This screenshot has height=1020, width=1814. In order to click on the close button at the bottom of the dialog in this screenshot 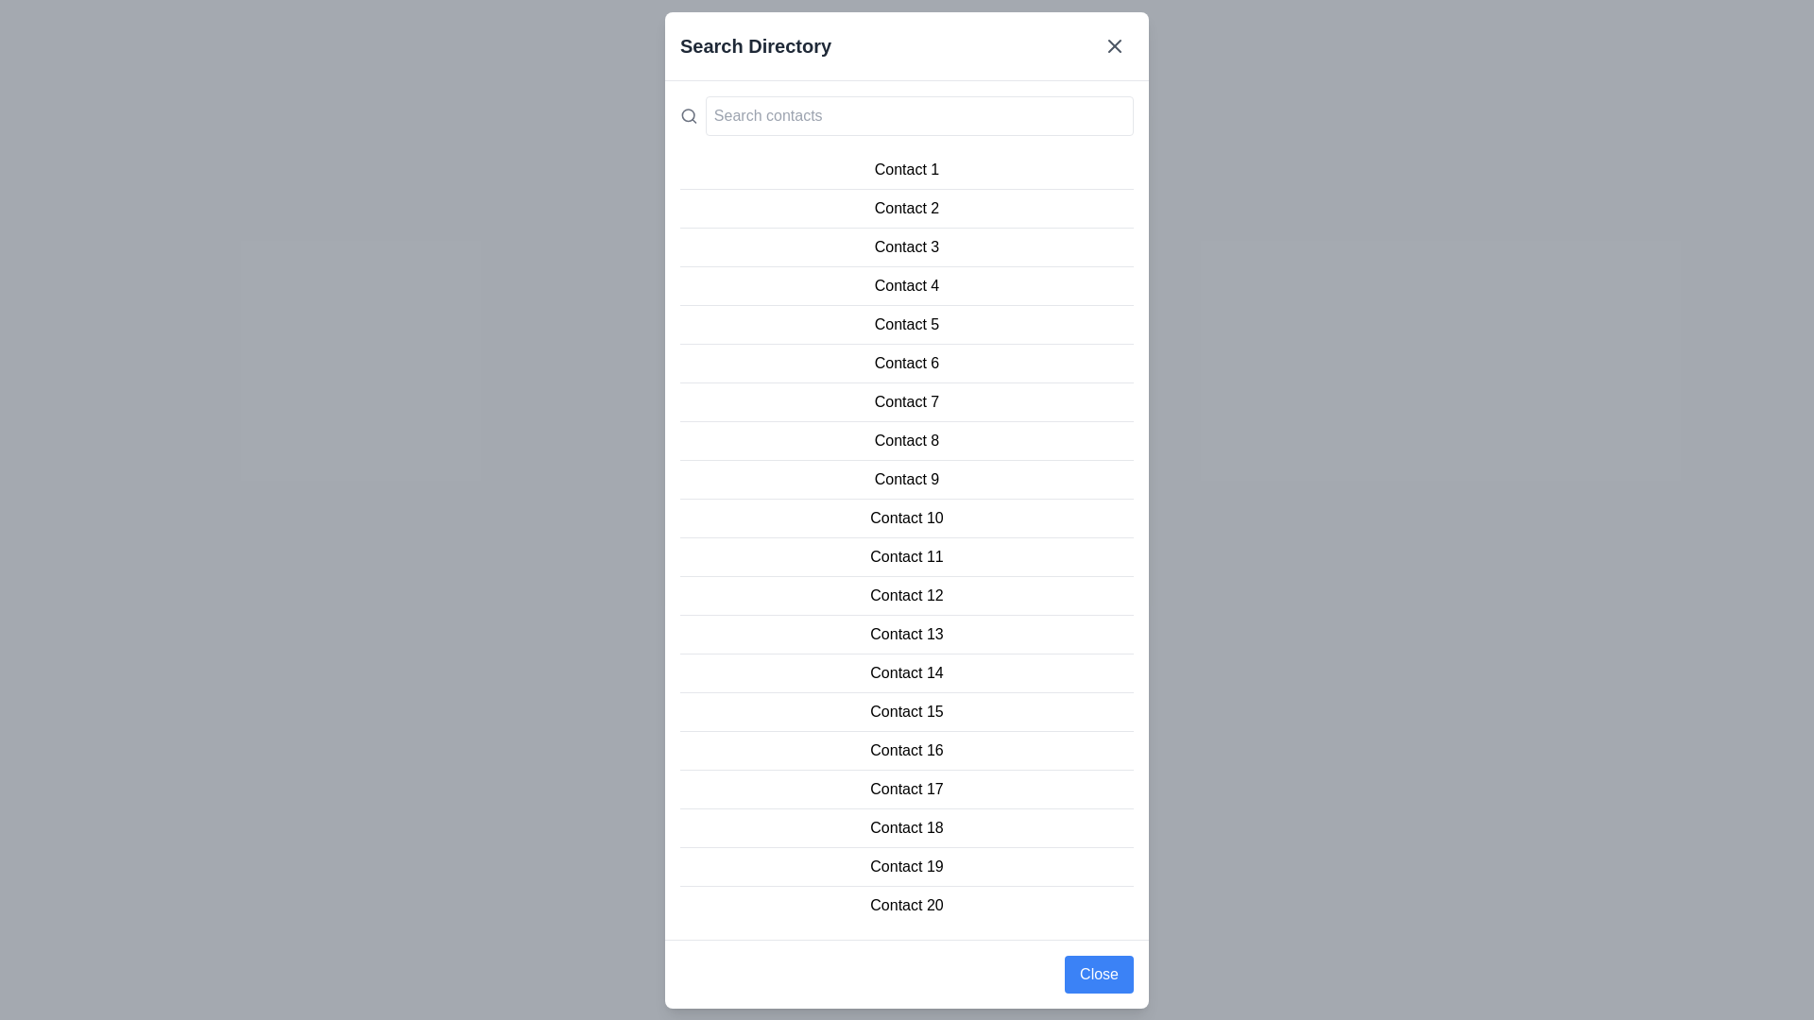, I will do `click(1099, 974)`.